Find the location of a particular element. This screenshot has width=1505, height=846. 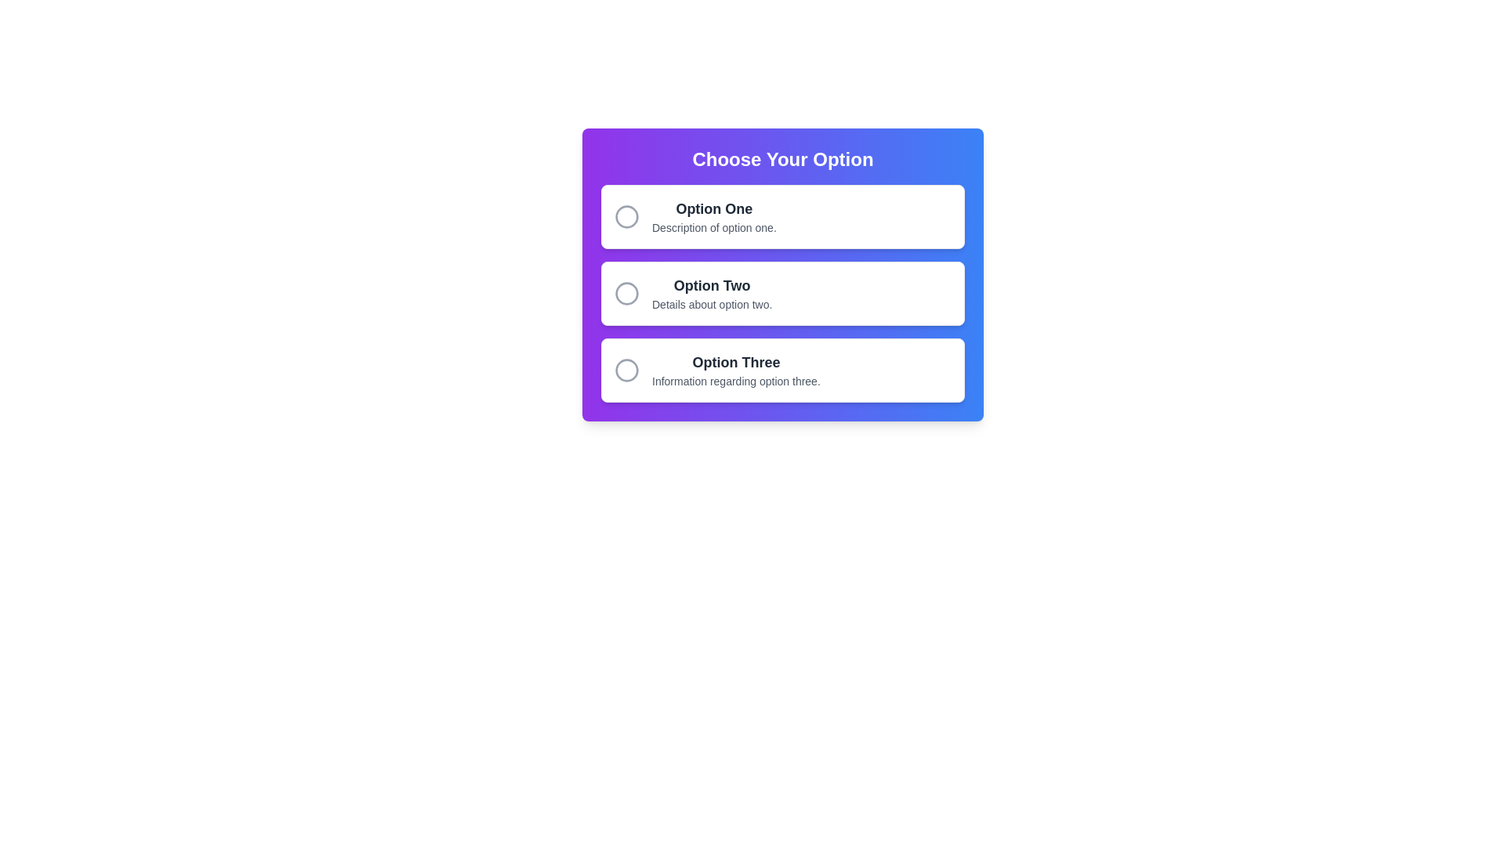

the text label reading 'Option Three' which is a bold and larger dark gray font, positioned prominently as the title of the third option in a vertical list is located at coordinates (735, 362).